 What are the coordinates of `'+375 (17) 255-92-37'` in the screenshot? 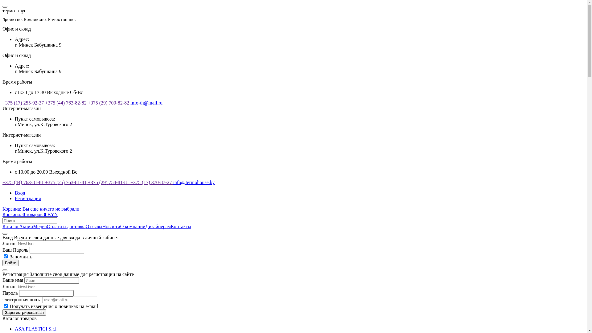 It's located at (23, 102).